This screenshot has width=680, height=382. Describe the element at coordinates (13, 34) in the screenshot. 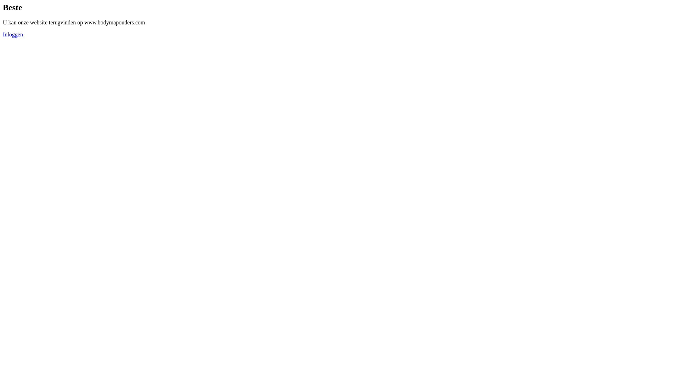

I see `'Inloggen'` at that location.